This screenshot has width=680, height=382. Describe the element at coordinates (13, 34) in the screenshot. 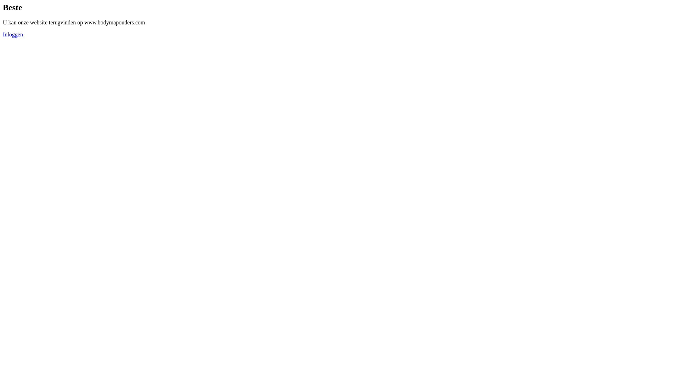

I see `'Inloggen'` at that location.